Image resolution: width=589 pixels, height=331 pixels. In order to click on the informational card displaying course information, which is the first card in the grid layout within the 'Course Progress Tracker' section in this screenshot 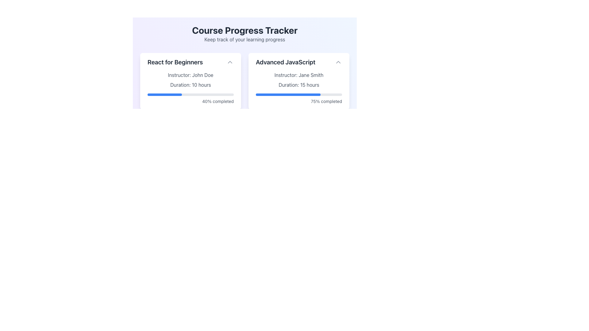, I will do `click(190, 81)`.